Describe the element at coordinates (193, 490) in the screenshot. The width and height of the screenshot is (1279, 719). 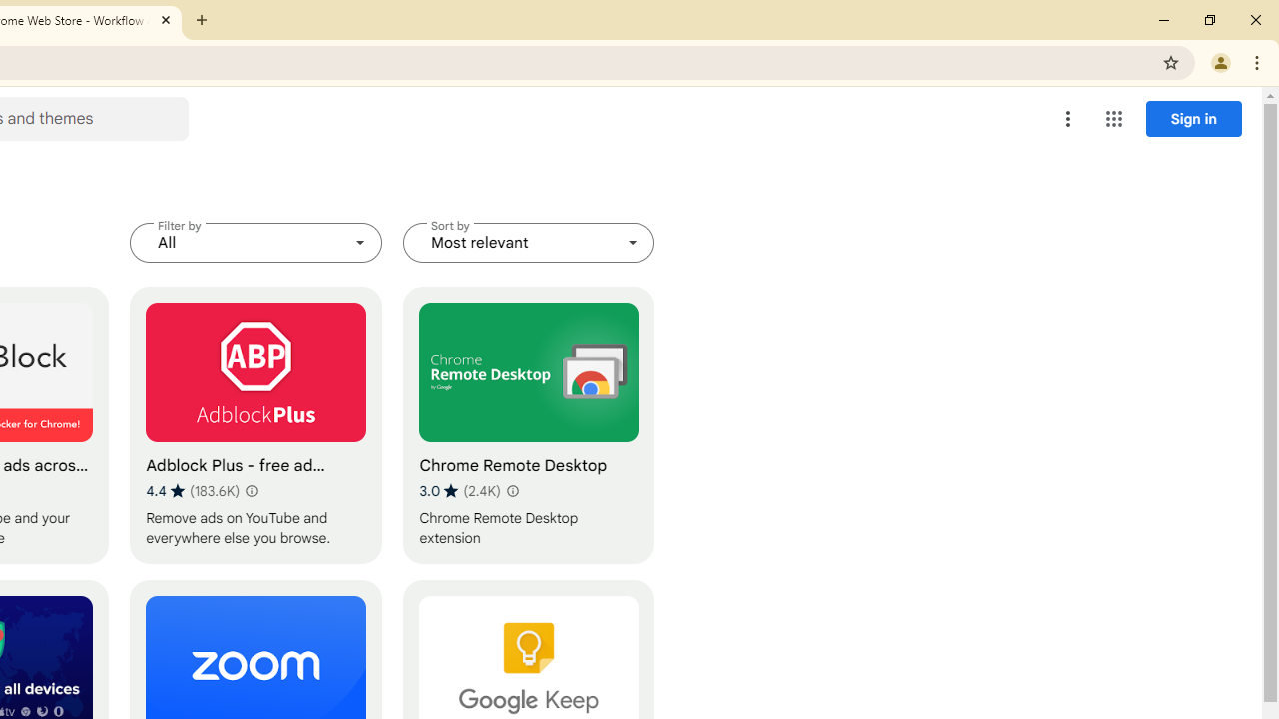
I see `'Average rating 4.4 out of 5 stars. 183.6K ratings.'` at that location.